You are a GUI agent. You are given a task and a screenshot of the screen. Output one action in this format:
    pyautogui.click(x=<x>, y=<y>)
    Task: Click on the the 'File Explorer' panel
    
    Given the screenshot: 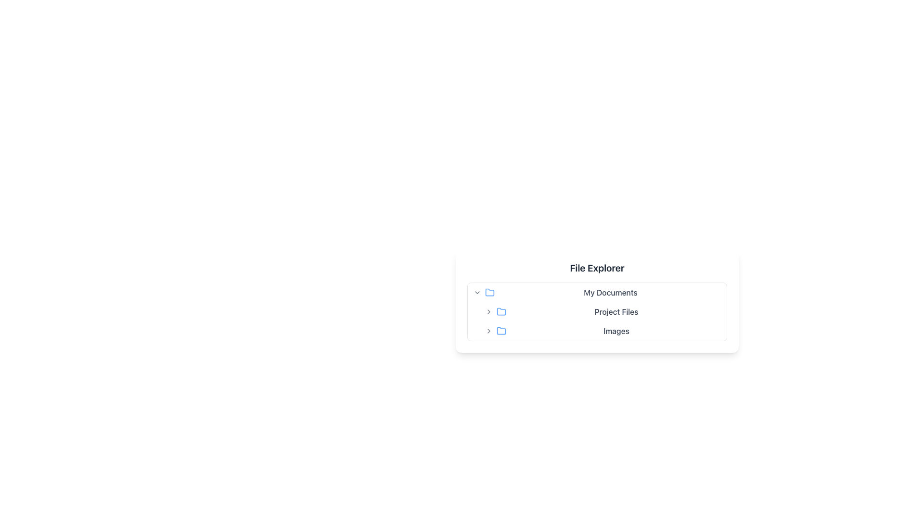 What is the action you would take?
    pyautogui.click(x=597, y=311)
    